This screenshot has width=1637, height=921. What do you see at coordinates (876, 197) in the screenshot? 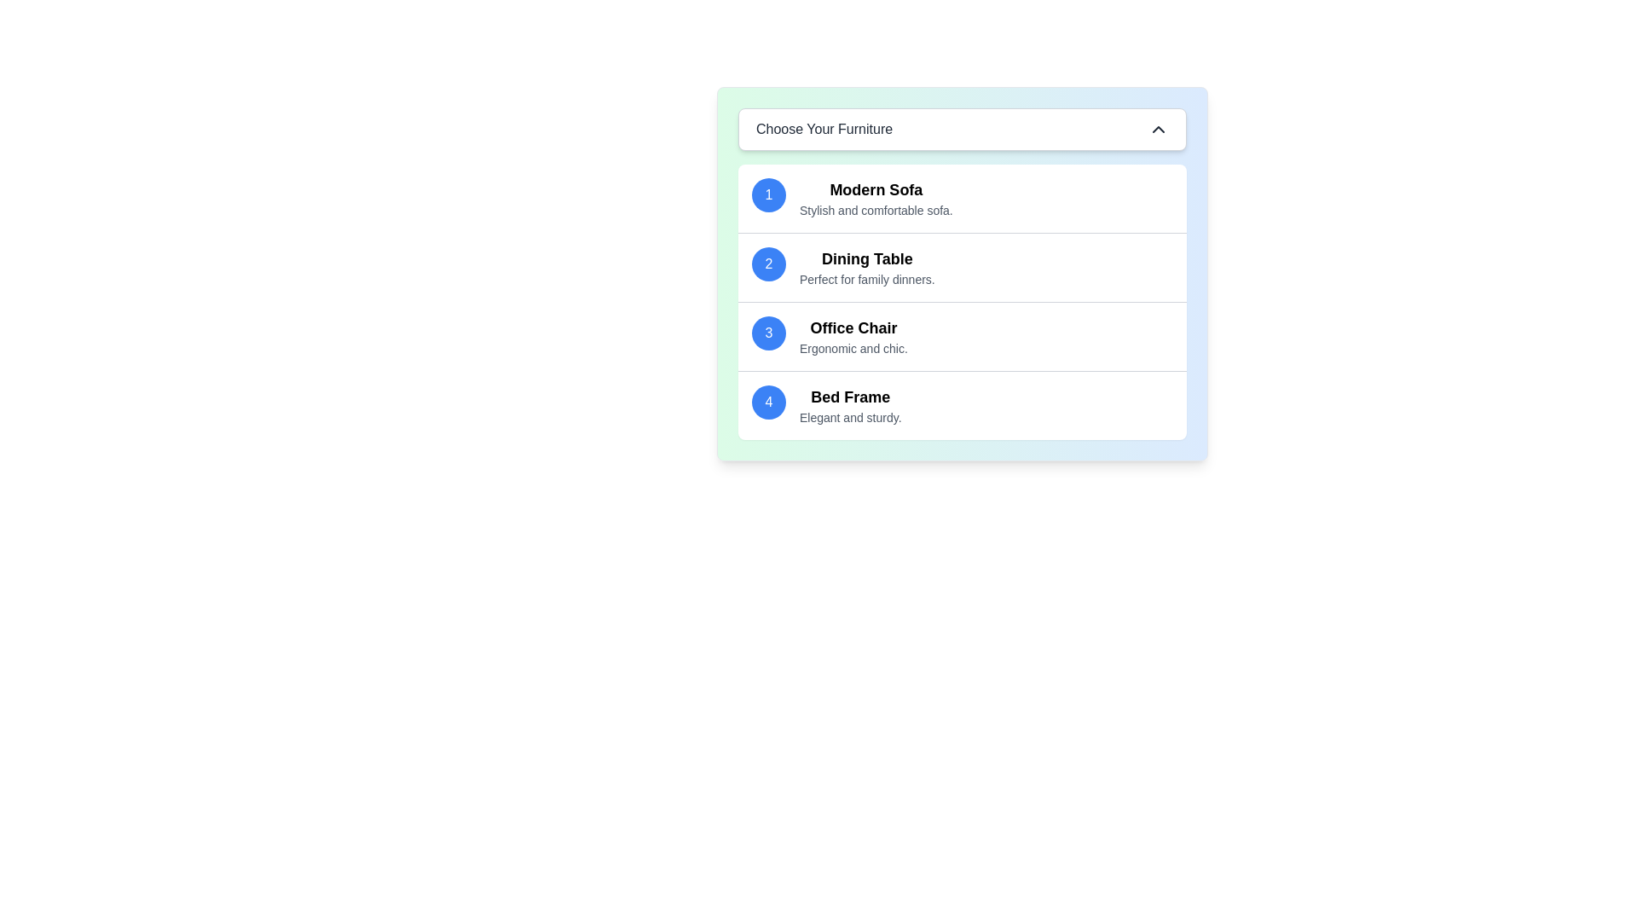
I see `the 'Modern Sofa' list item description block` at bounding box center [876, 197].